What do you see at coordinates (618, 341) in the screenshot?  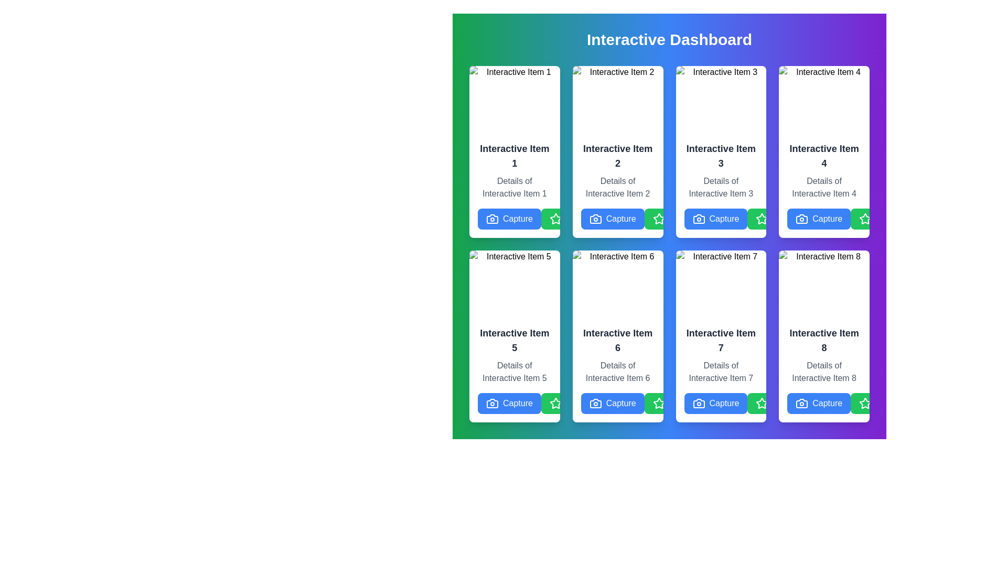 I see `the static text component displaying 'Interactive Item 6', which is located in the sixth card of the grid layout, emphasizing its title-like role` at bounding box center [618, 341].